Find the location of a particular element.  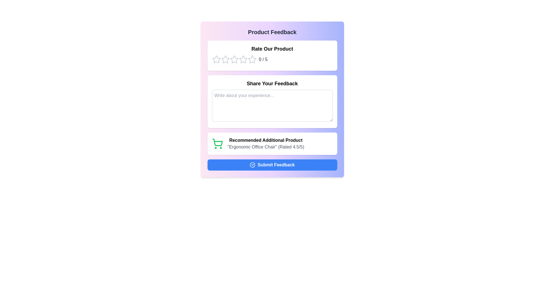

the submit button located at the bottom of the feedback form, directly below the product recommendation section is located at coordinates (272, 165).